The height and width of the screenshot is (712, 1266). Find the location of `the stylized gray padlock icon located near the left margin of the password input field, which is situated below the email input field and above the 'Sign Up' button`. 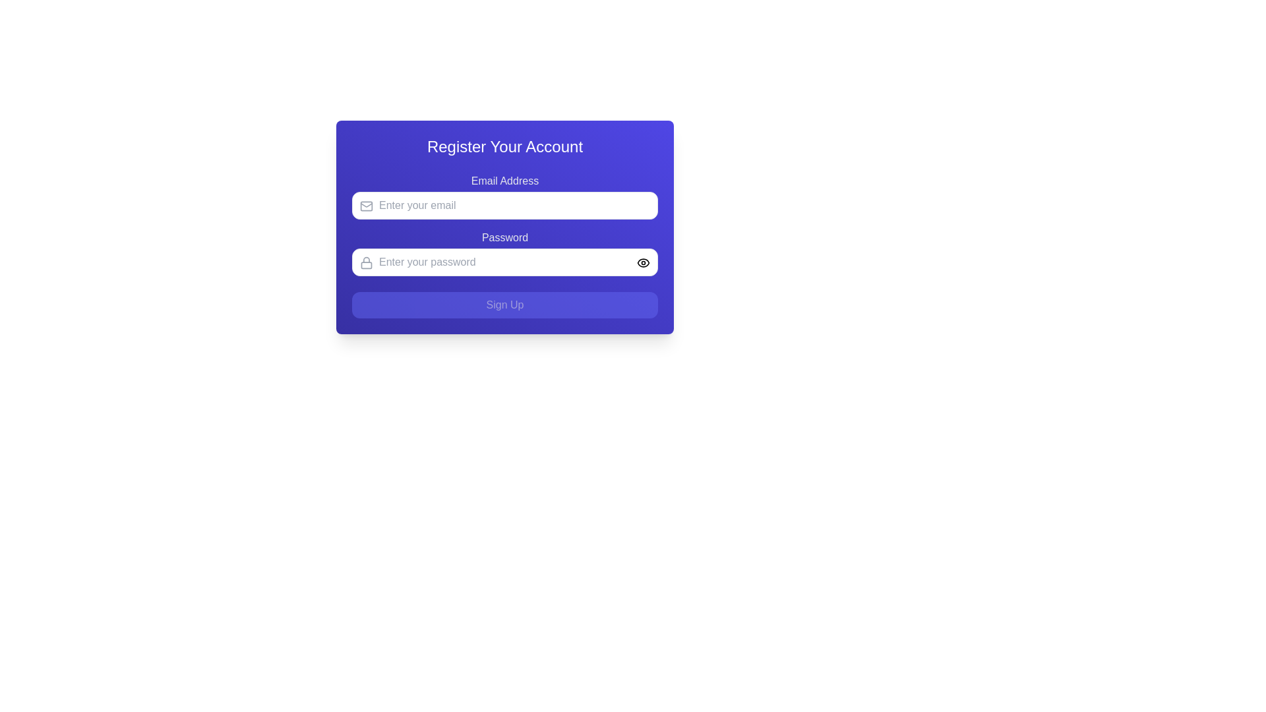

the stylized gray padlock icon located near the left margin of the password input field, which is situated below the email input field and above the 'Sign Up' button is located at coordinates (367, 262).